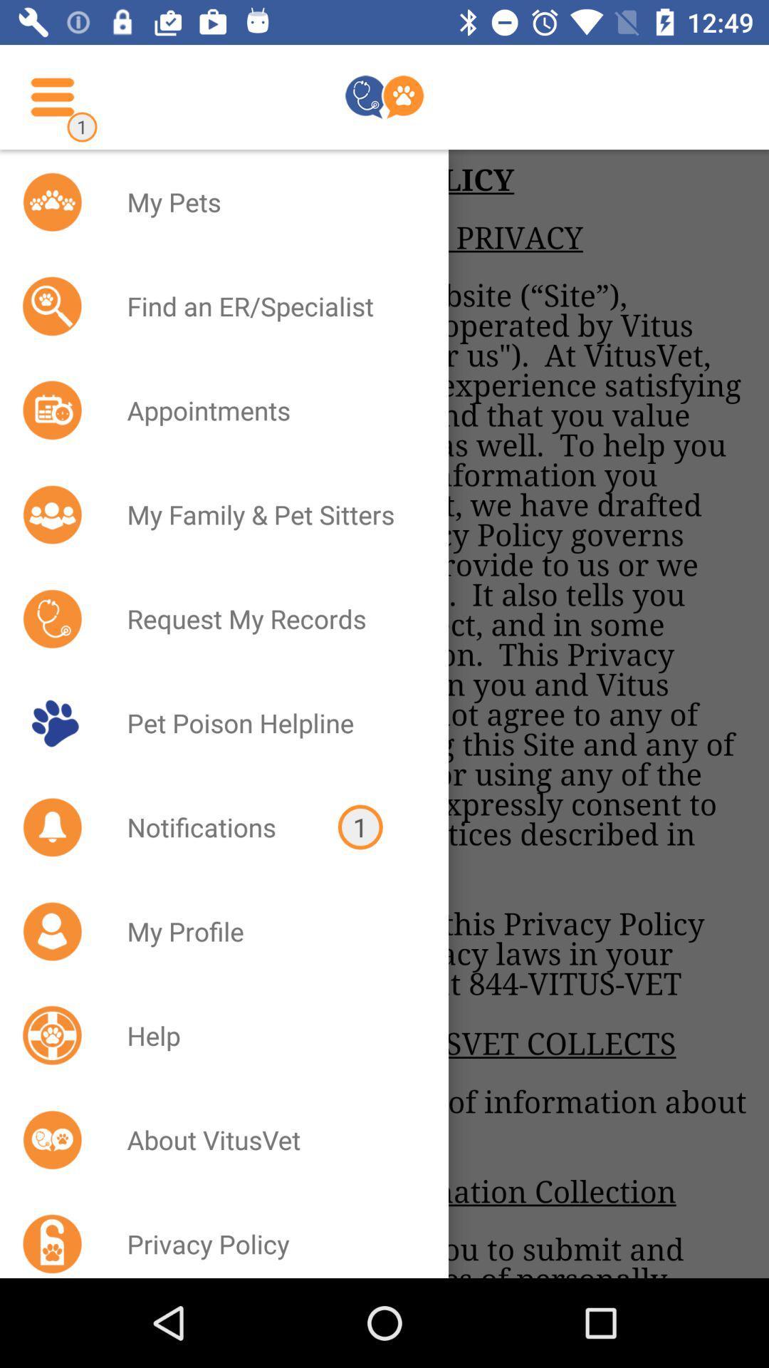 The image size is (769, 1368). What do you see at coordinates (51, 931) in the screenshot?
I see `the icon beside my profile` at bounding box center [51, 931].